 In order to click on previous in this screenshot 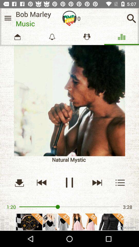, I will do `click(41, 182)`.